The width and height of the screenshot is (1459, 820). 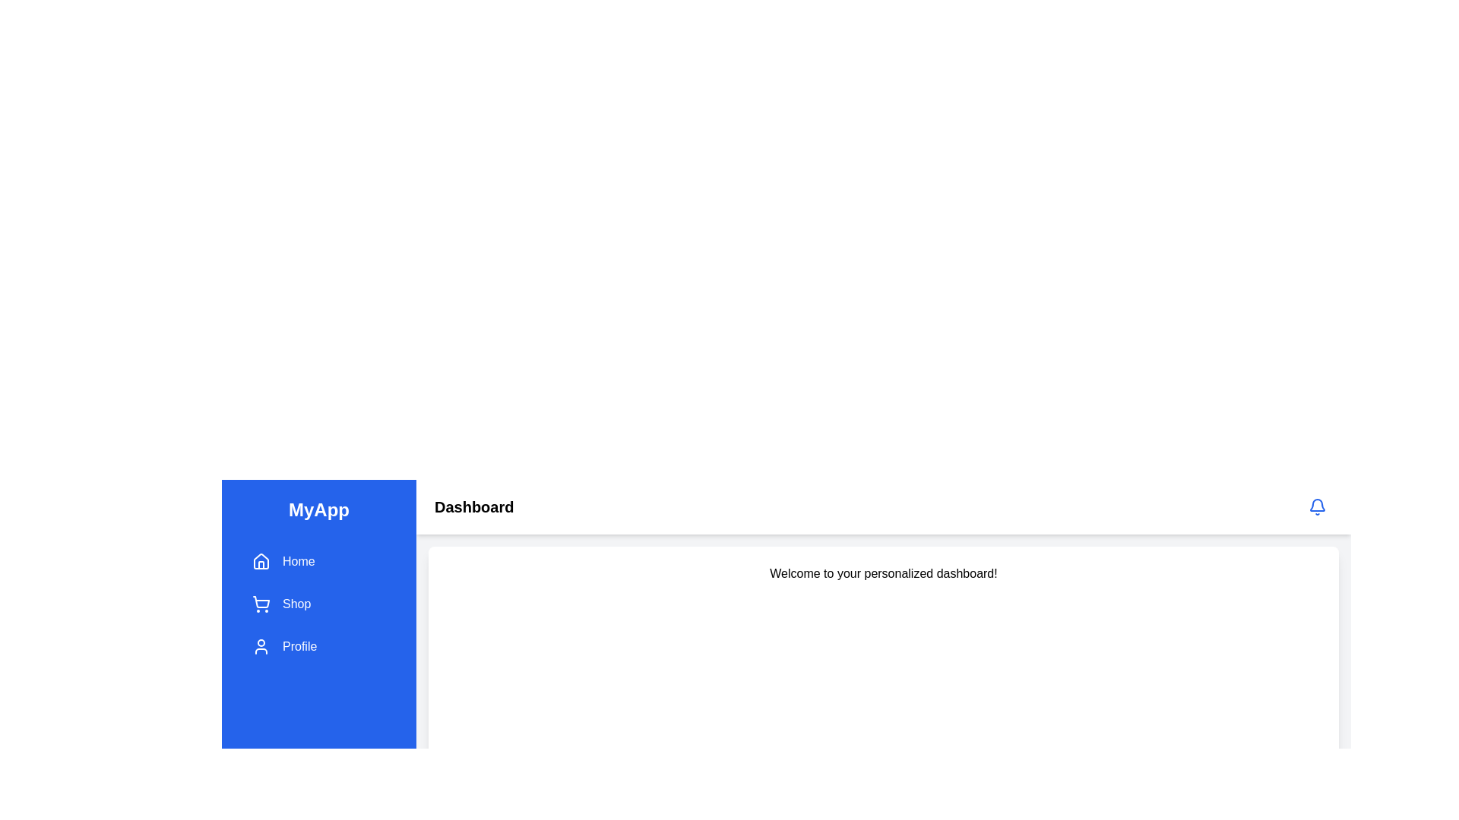 What do you see at coordinates (261, 603) in the screenshot?
I see `the shopping cart icon in the vertical navigation menu, which is styled with a minimalist wireframe design and located below the 'Home' icon and above the 'Profile' icon` at bounding box center [261, 603].